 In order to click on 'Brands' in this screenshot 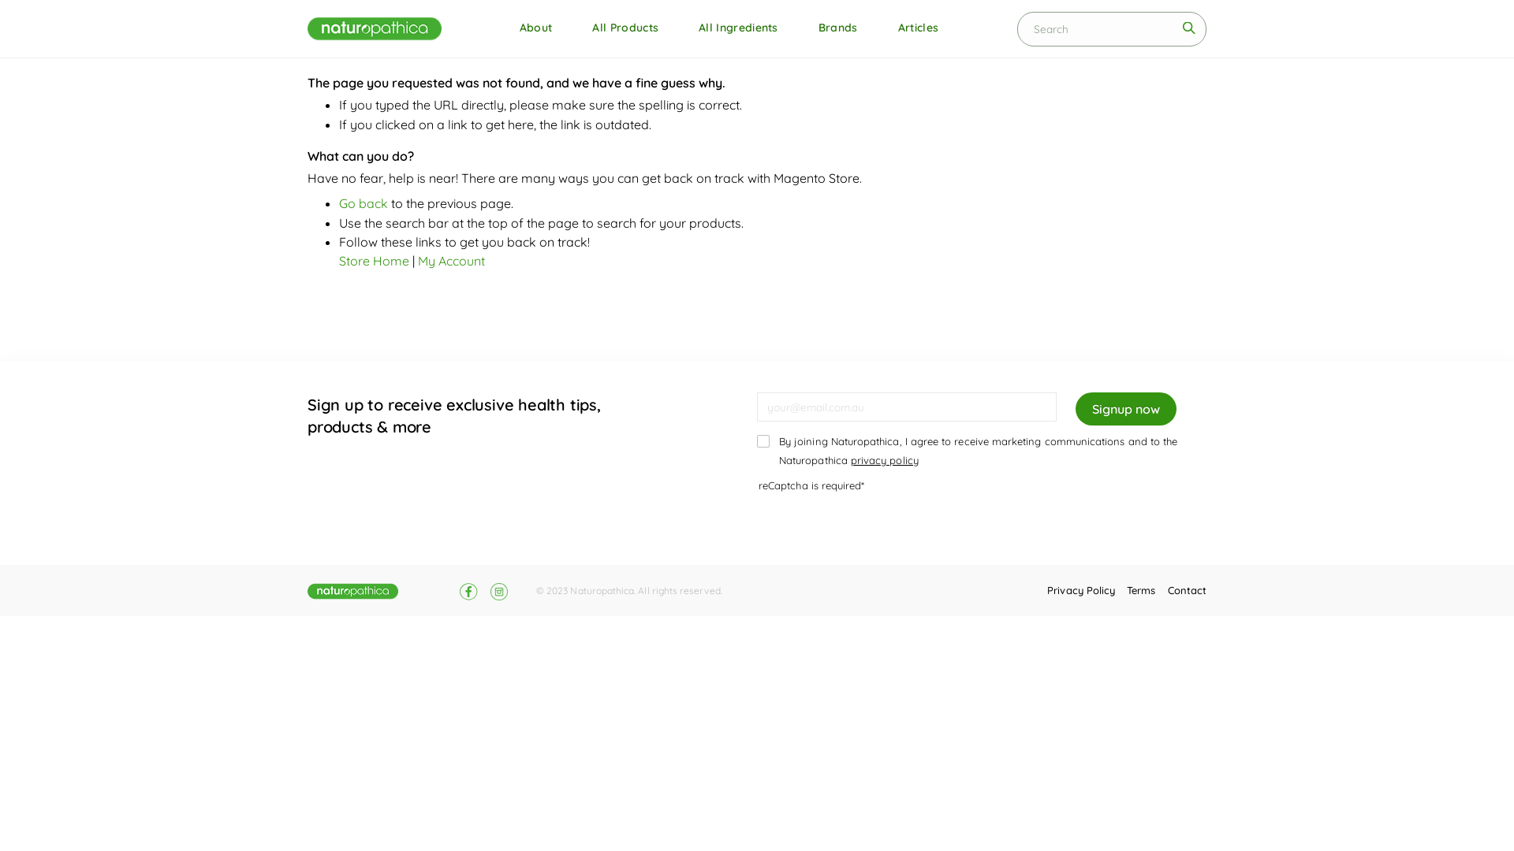, I will do `click(806, 28)`.